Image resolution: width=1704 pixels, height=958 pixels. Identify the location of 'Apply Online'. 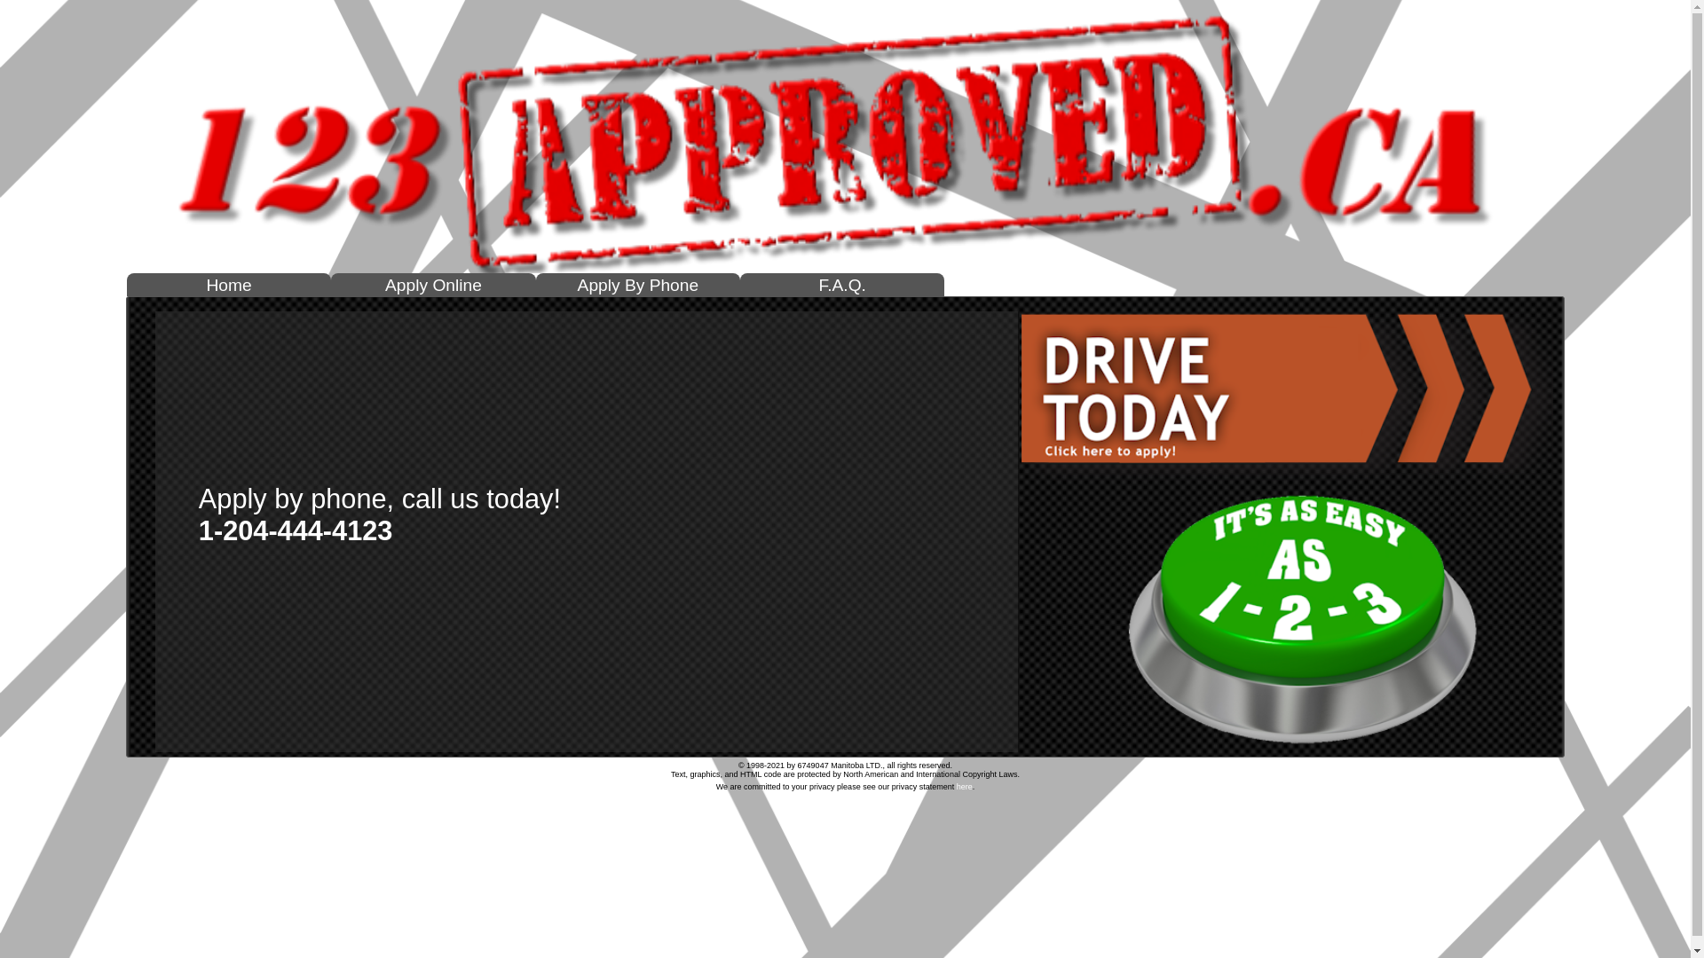
(433, 286).